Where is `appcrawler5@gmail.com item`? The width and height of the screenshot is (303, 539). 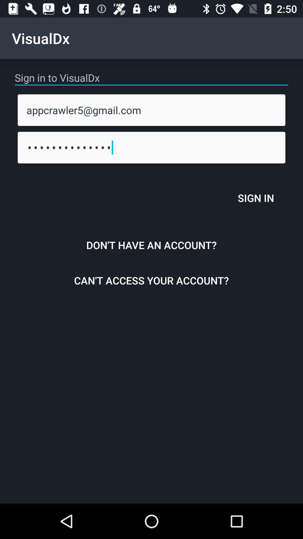
appcrawler5@gmail.com item is located at coordinates (151, 110).